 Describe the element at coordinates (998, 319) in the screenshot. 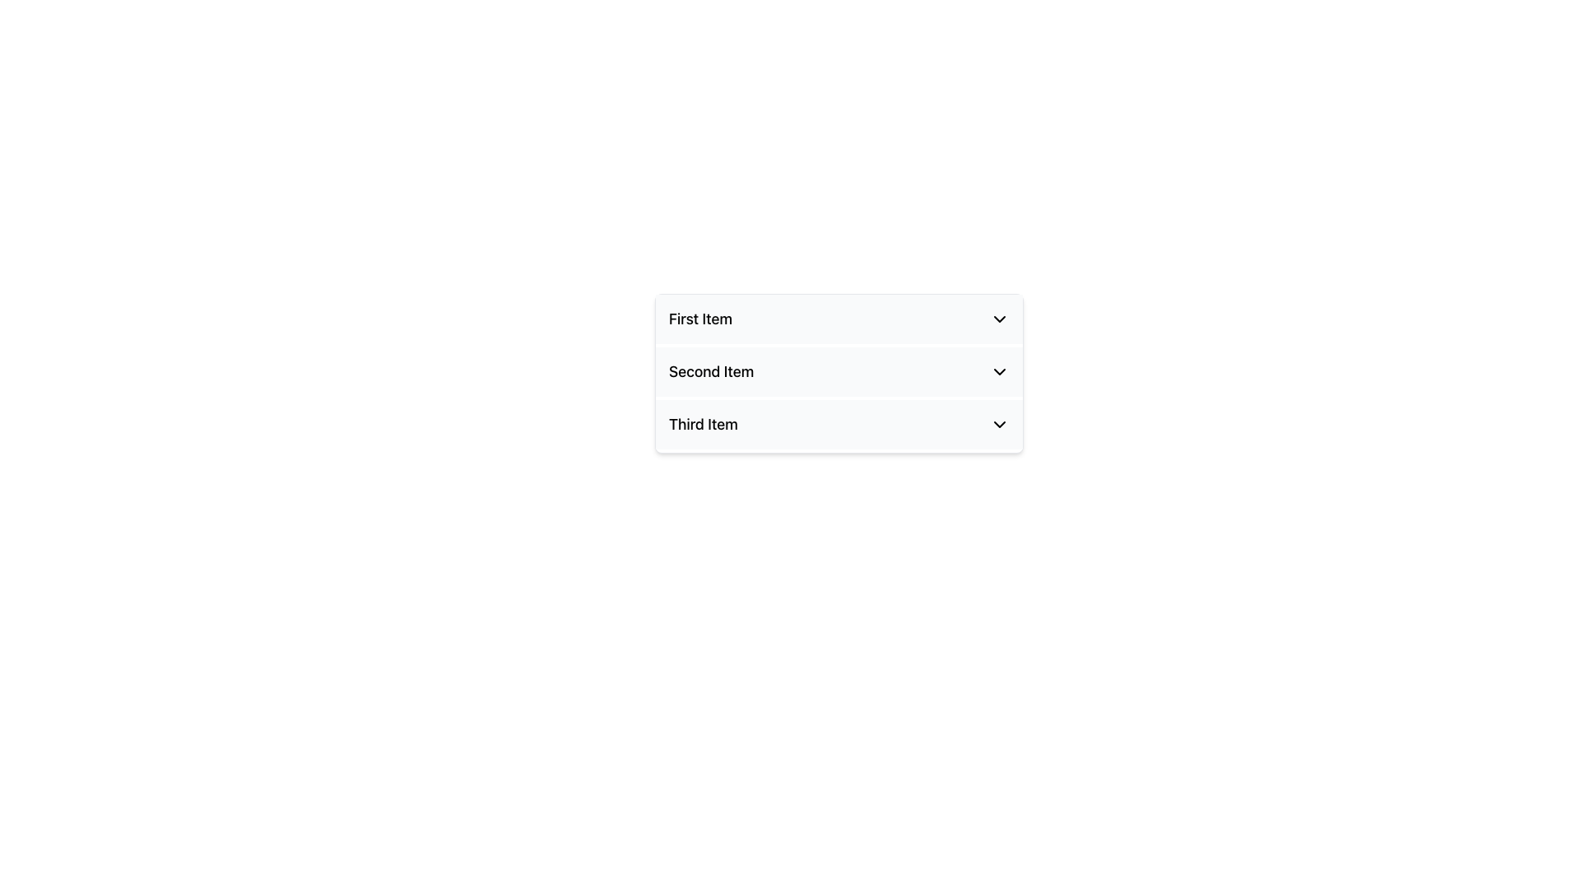

I see `the downward-facing chevron icon at the far right of the 'First Item' row` at that location.